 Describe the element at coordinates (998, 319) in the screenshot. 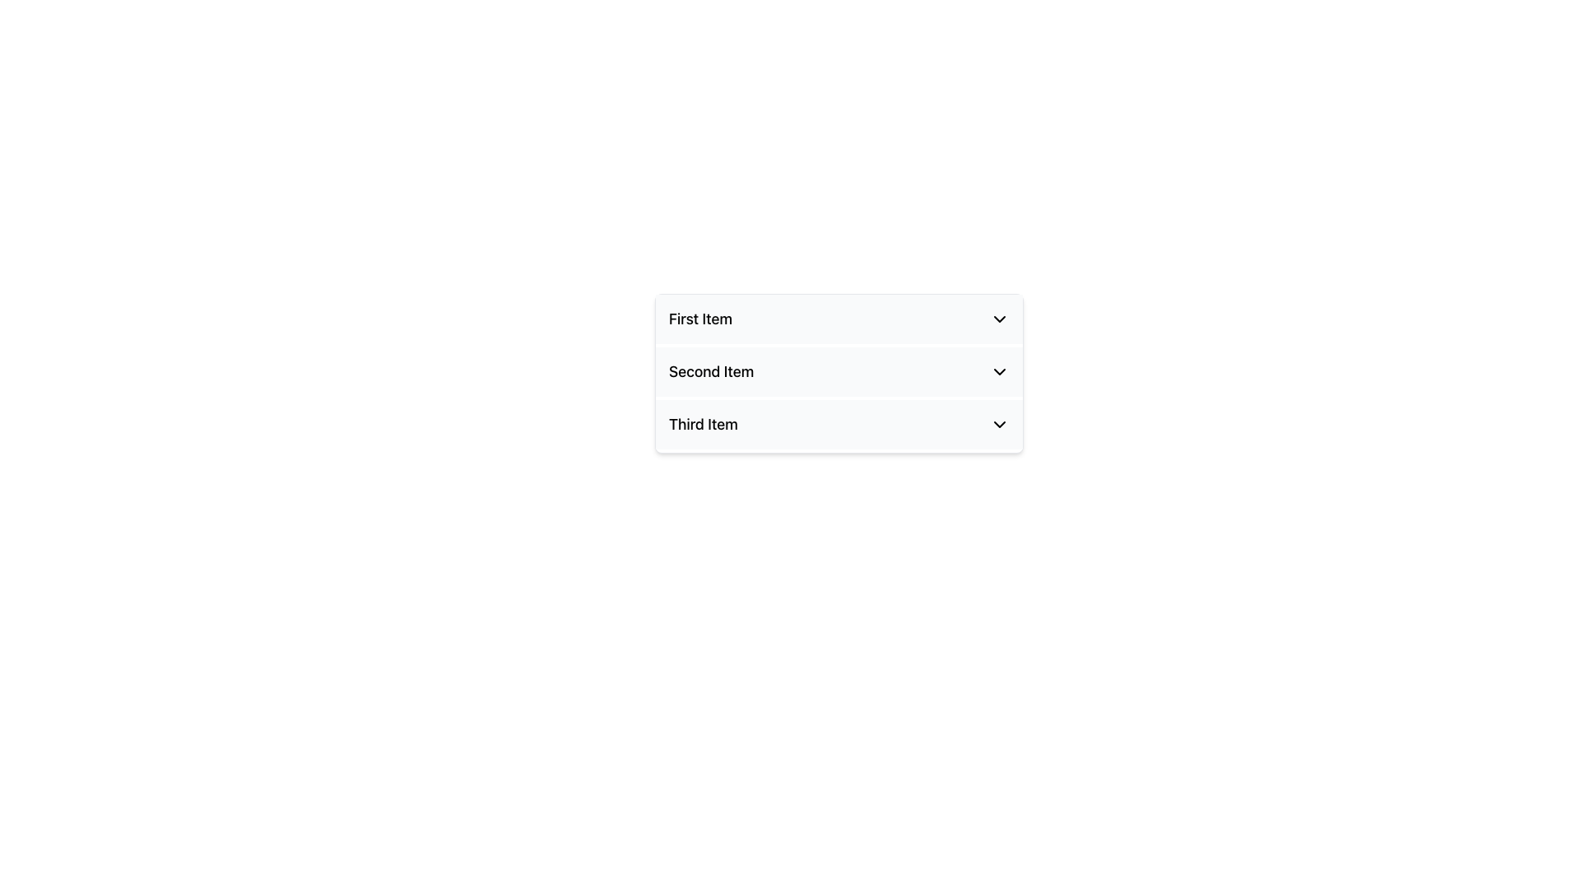

I see `the downward-facing chevron icon at the far right of the 'First Item' row` at that location.